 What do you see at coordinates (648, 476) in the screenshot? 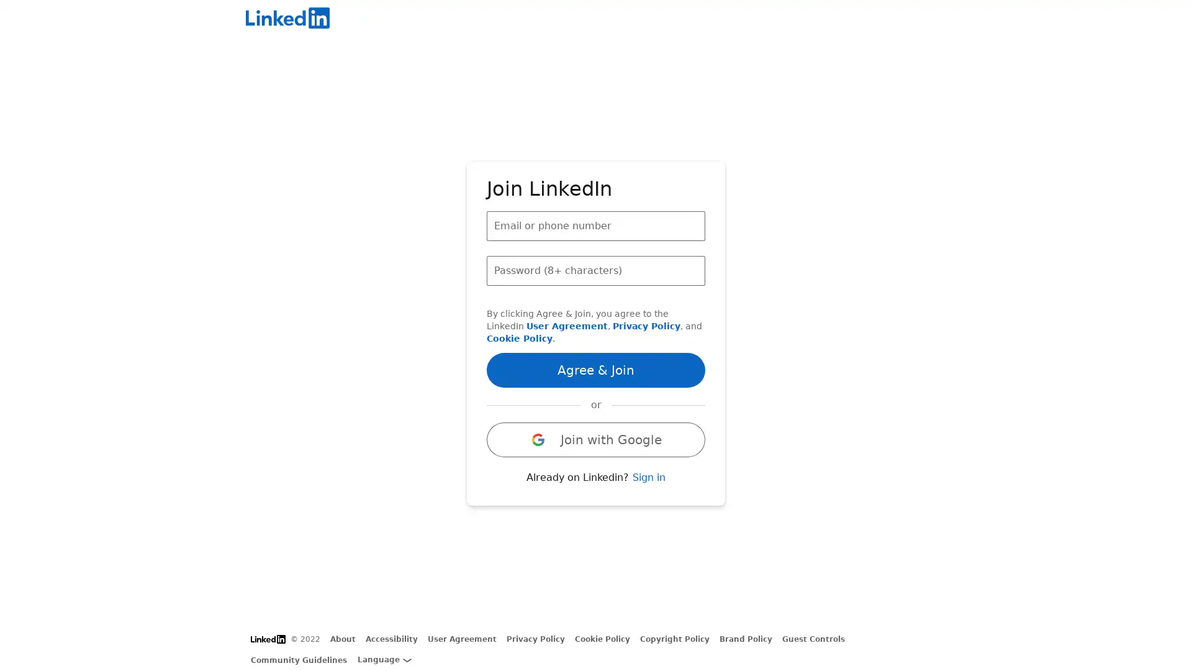
I see `Sign in` at bounding box center [648, 476].